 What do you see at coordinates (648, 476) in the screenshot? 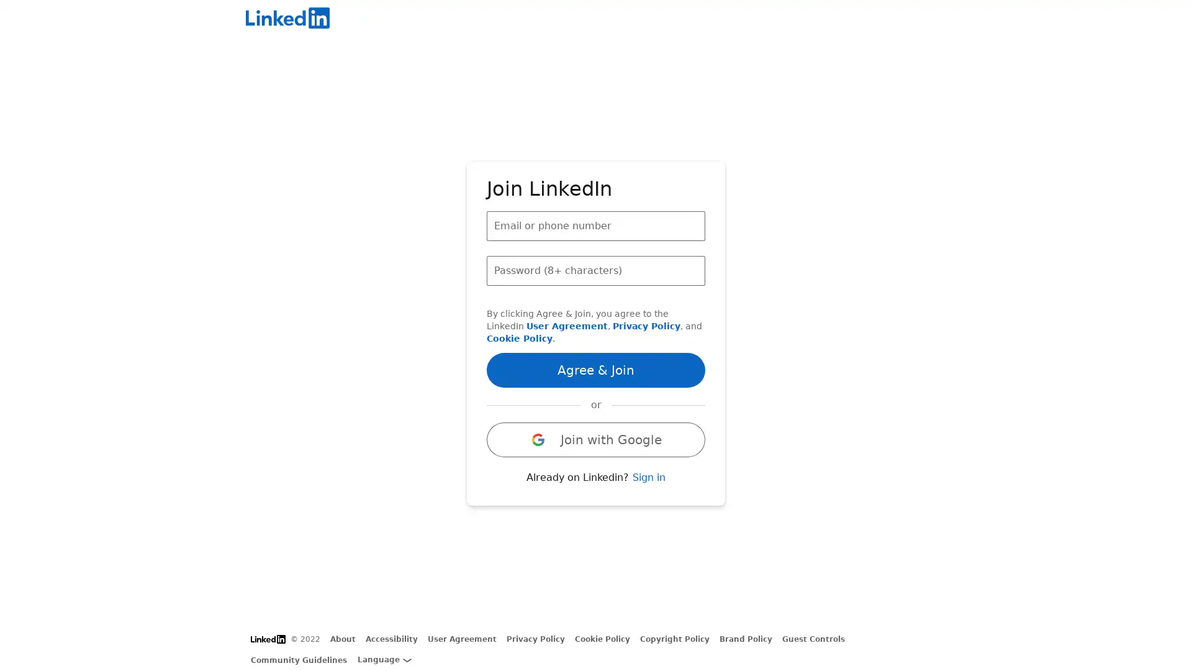
I see `Sign in` at bounding box center [648, 476].